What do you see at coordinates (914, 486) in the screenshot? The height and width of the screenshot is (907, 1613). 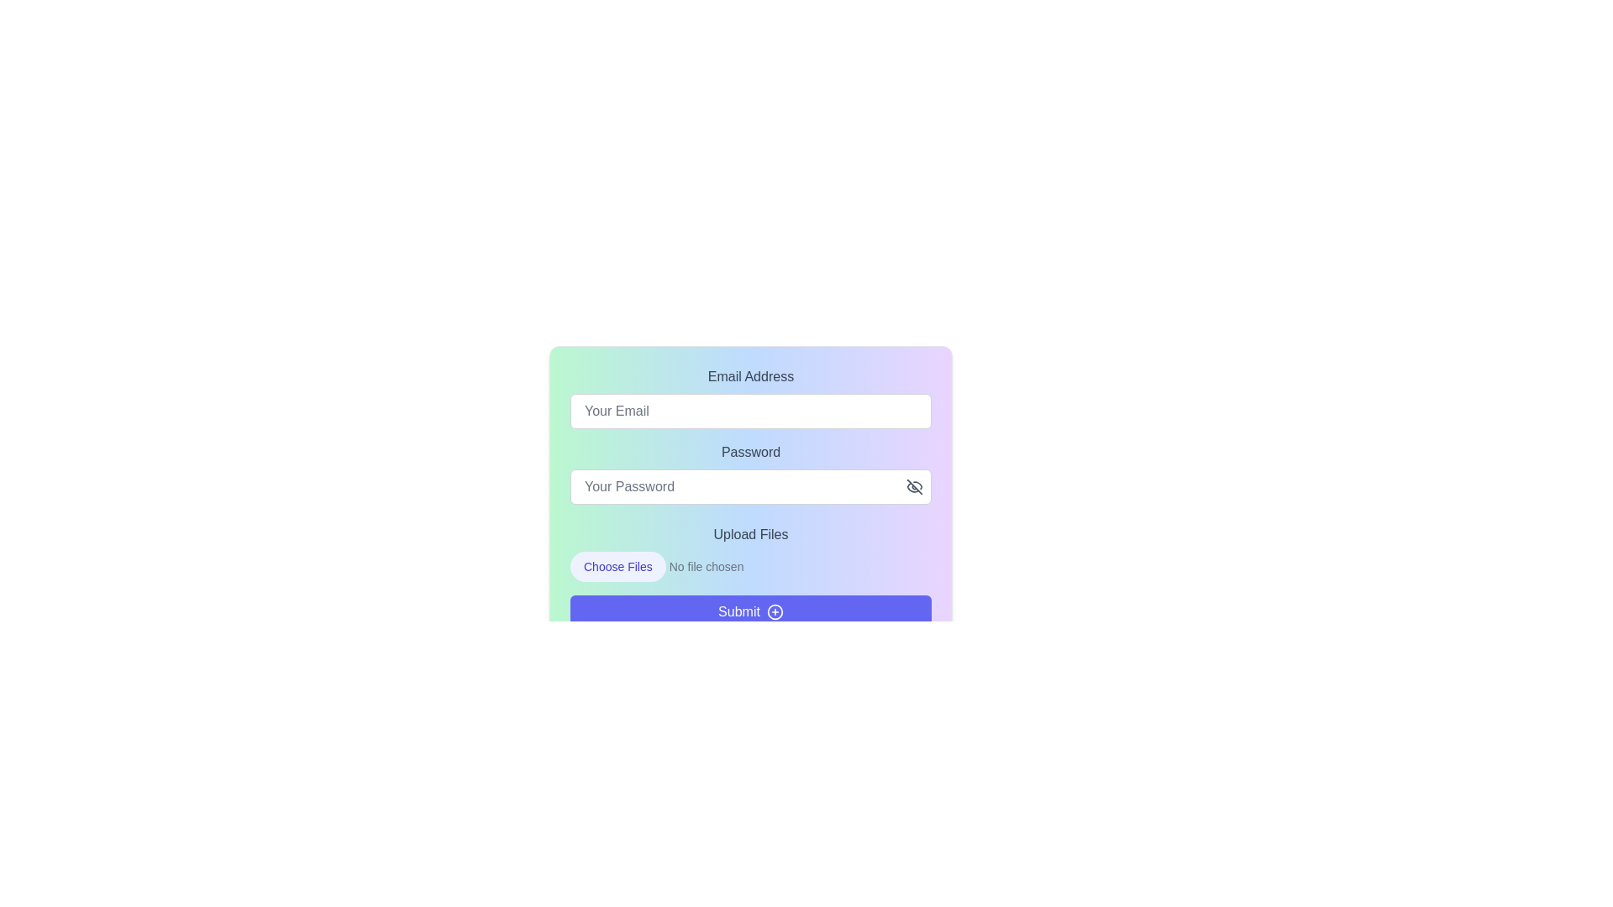 I see `the diagonal line graphic element that is part of the eye-off icon, located to the right of the password input field` at bounding box center [914, 486].